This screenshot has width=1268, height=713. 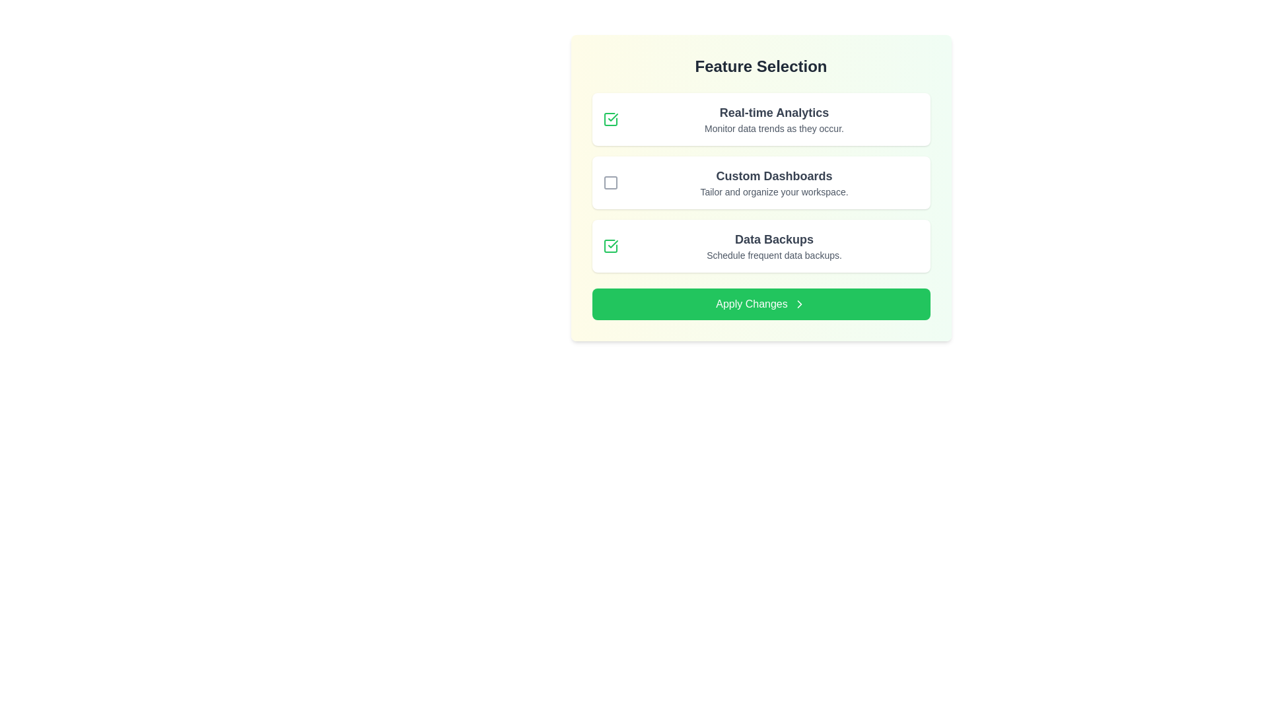 I want to click on the checkbox for 'Real-time Analytics', so click(x=610, y=119).